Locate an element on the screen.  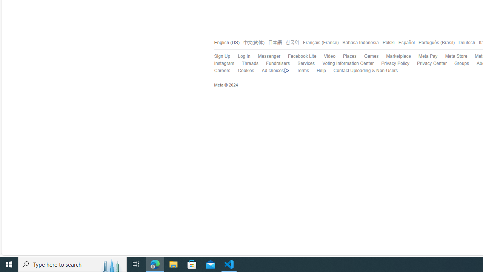
'Sign Up' is located at coordinates (218, 56).